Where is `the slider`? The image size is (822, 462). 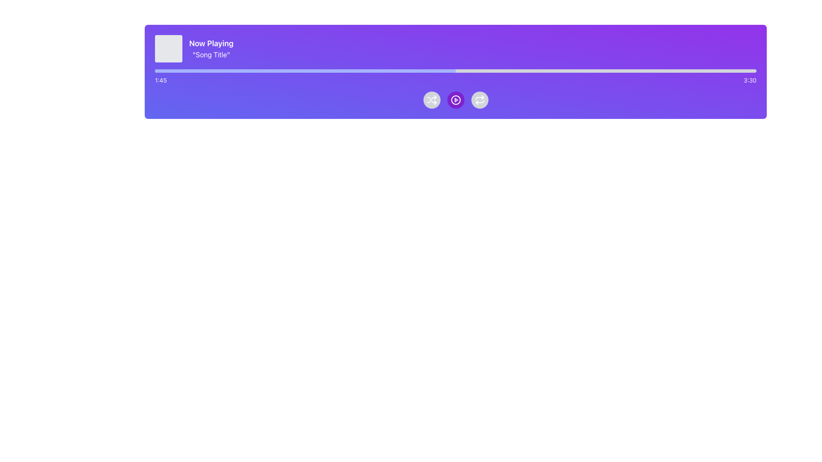
the slider is located at coordinates (719, 70).